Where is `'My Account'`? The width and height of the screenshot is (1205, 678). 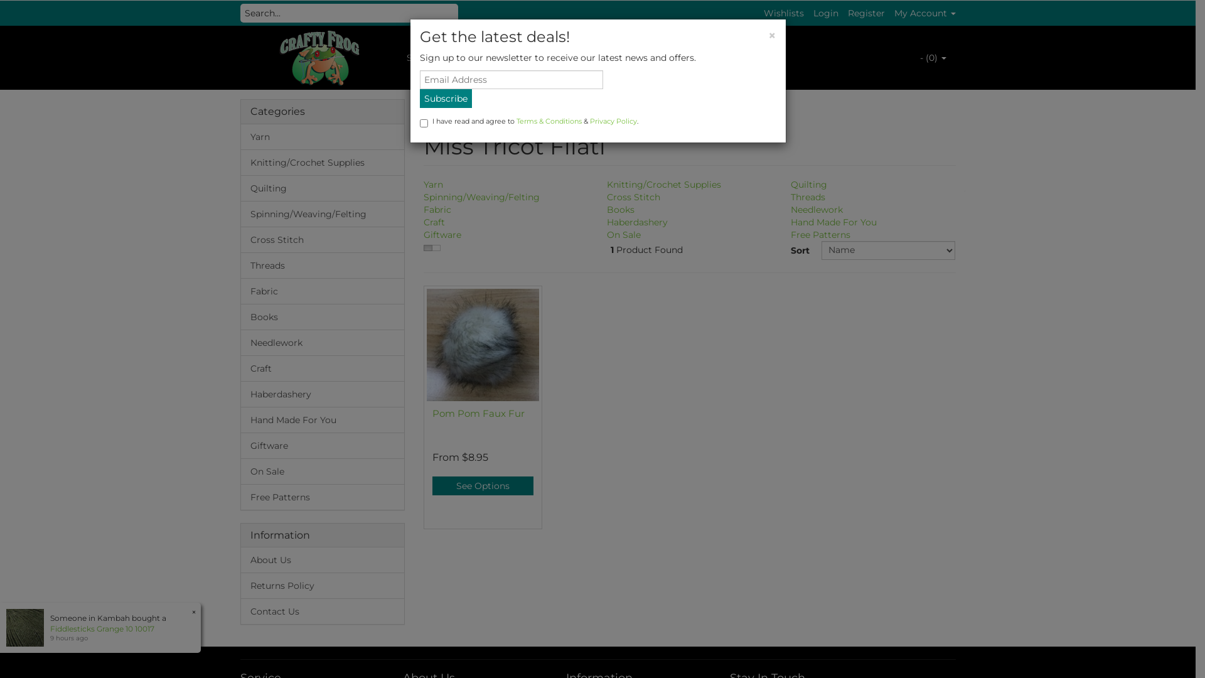 'My Account' is located at coordinates (924, 13).